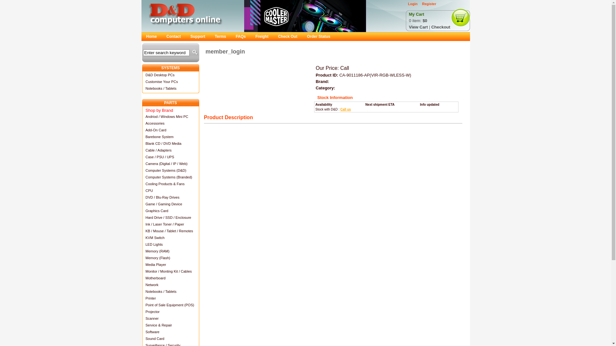 The width and height of the screenshot is (616, 346). I want to click on 'KB / Mouse / Tablet / Remotes', so click(141, 231).